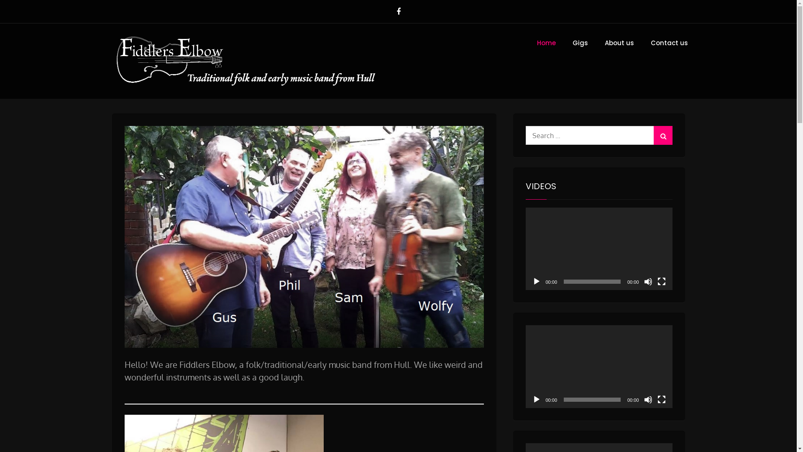 This screenshot has height=452, width=803. Describe the element at coordinates (644, 281) in the screenshot. I see `'Mute'` at that location.